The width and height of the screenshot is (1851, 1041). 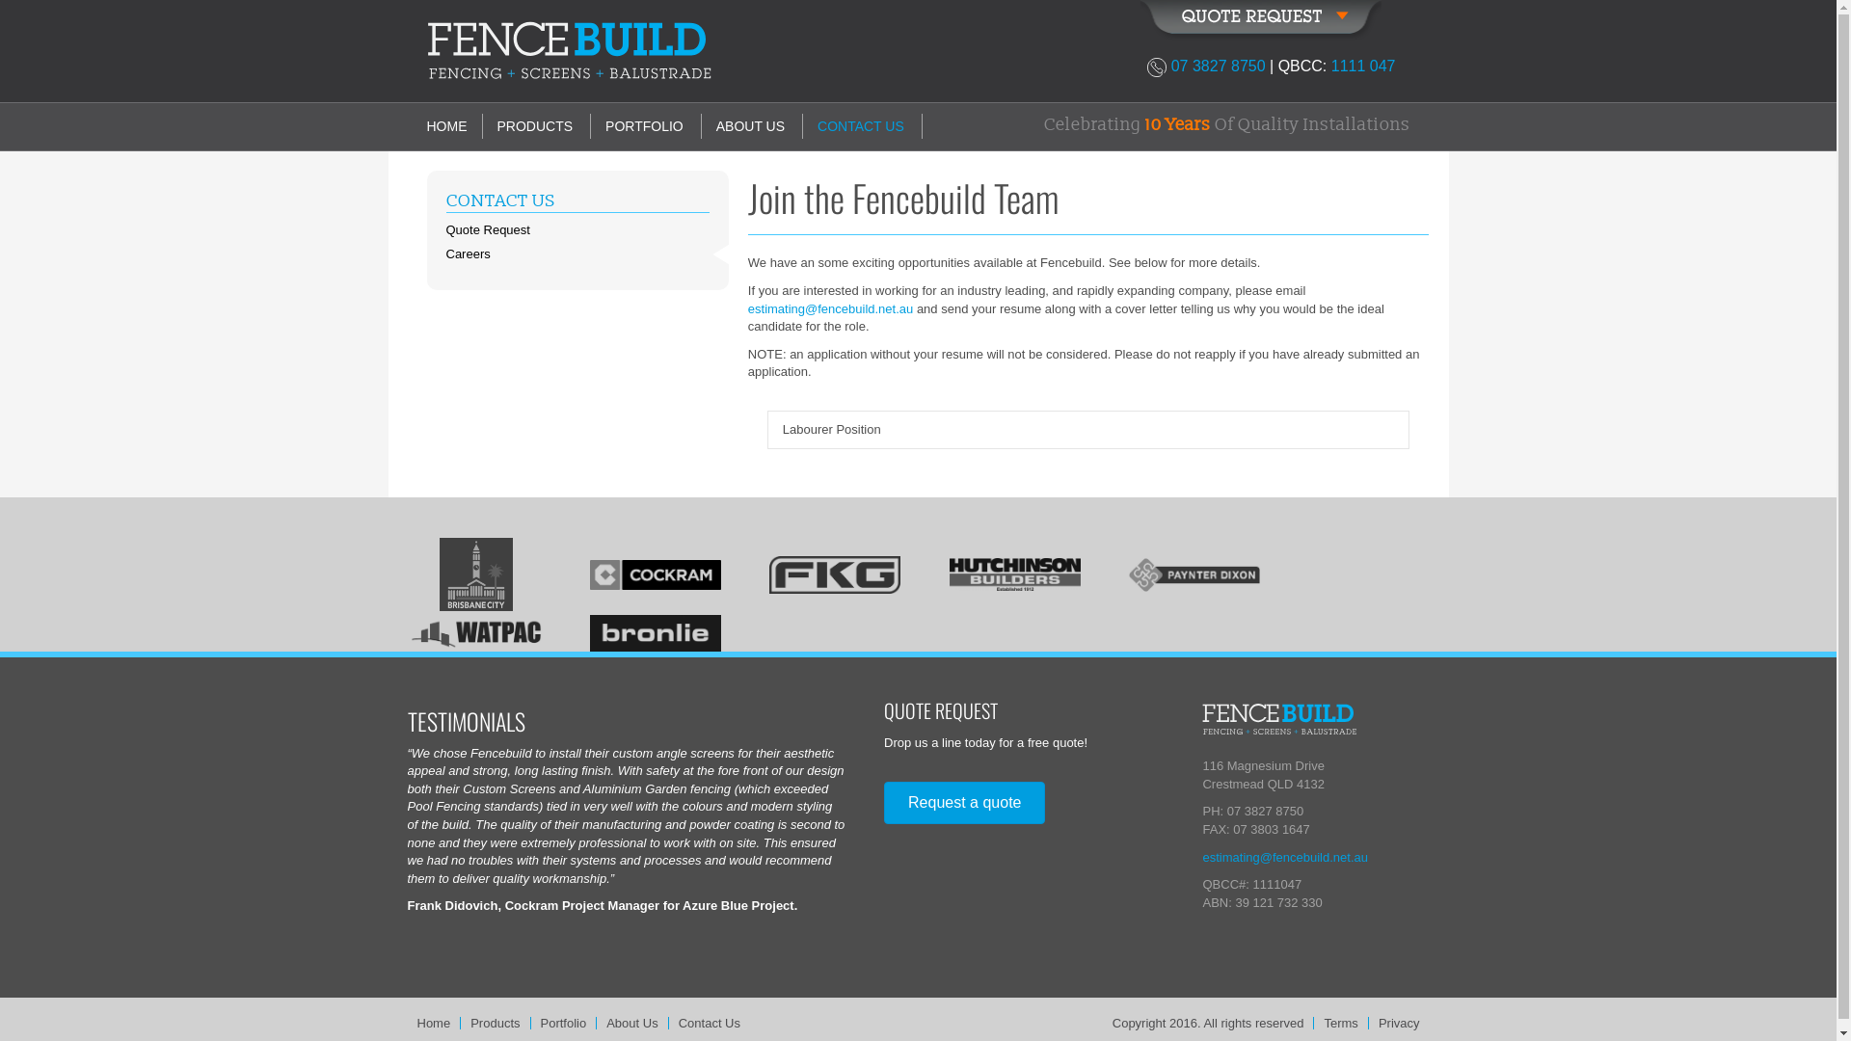 What do you see at coordinates (576, 253) in the screenshot?
I see `'Careers'` at bounding box center [576, 253].